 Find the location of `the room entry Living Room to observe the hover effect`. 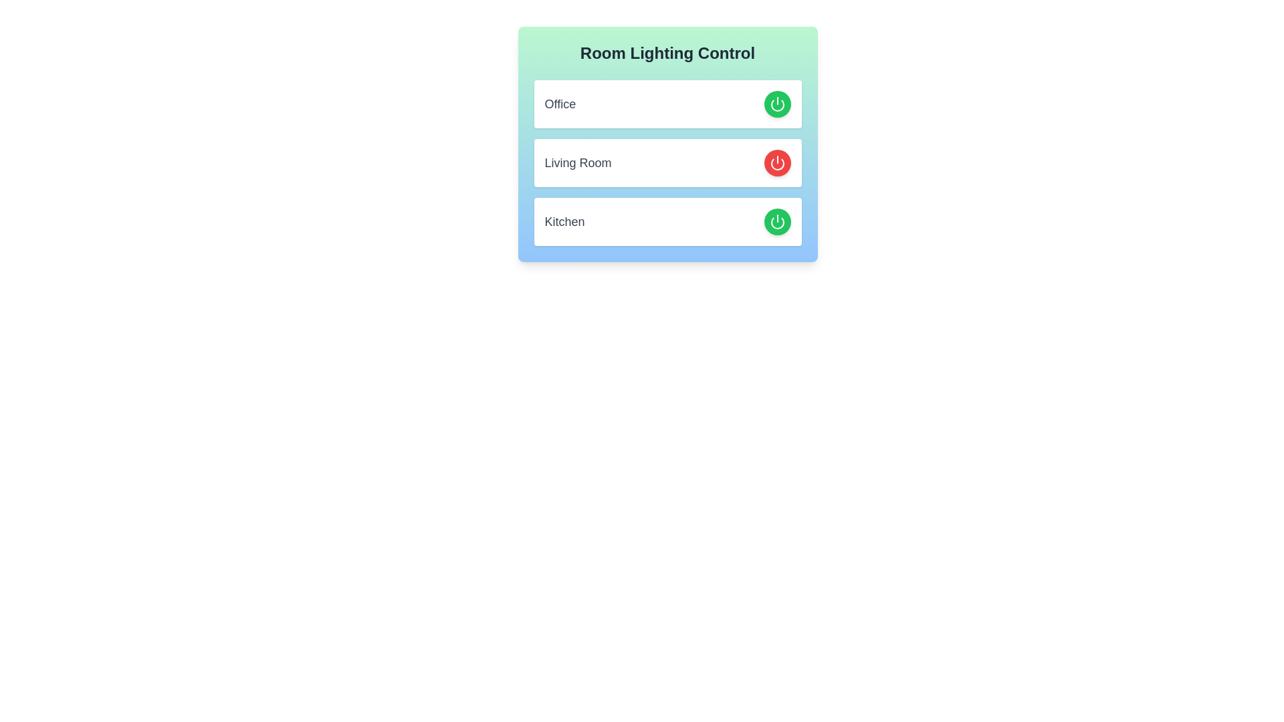

the room entry Living Room to observe the hover effect is located at coordinates (667, 162).